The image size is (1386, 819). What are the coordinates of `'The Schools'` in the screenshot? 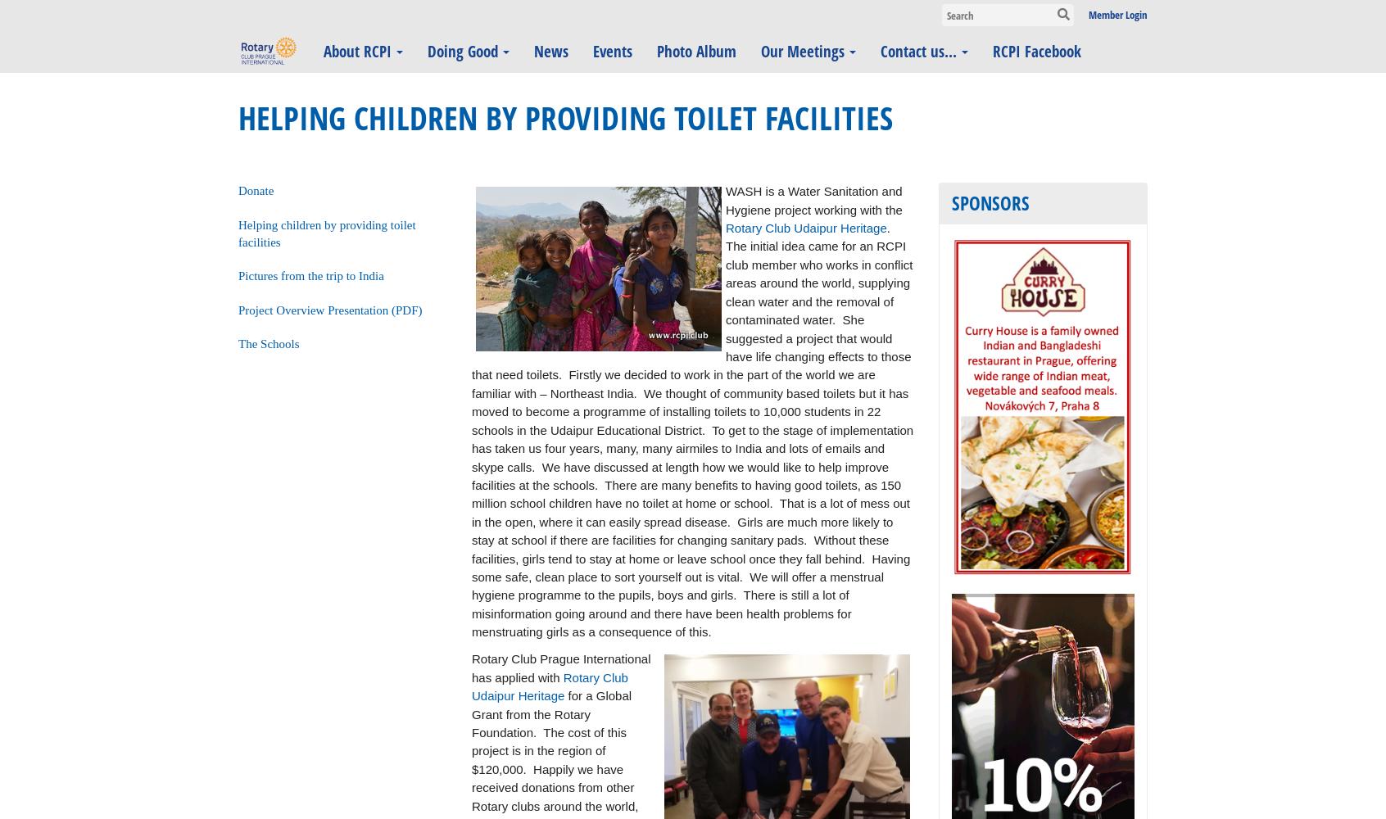 It's located at (238, 344).